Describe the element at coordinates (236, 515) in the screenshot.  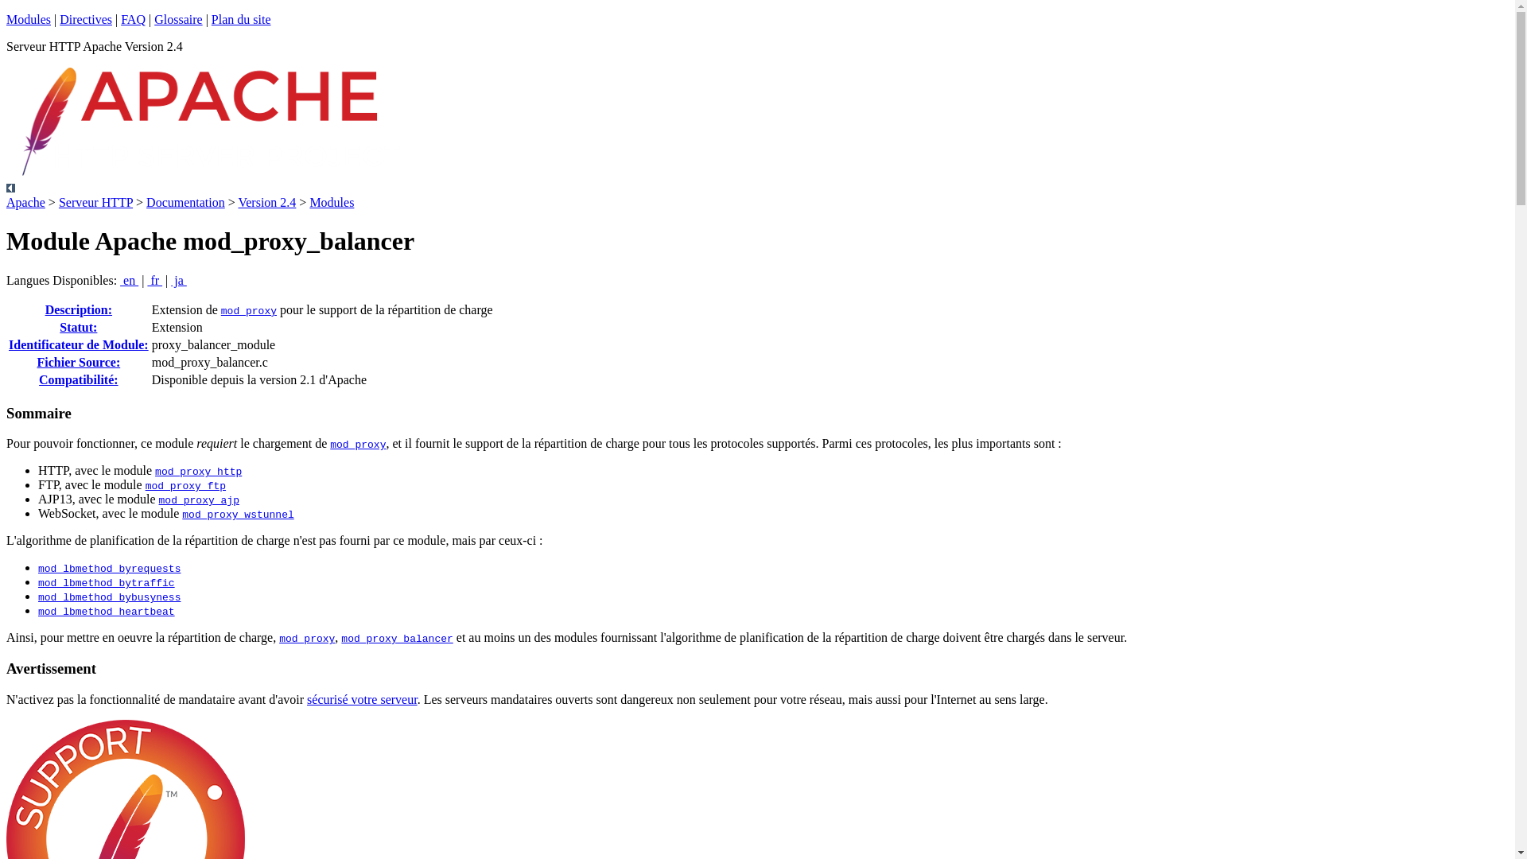
I see `'mod_proxy_wstunnel'` at that location.